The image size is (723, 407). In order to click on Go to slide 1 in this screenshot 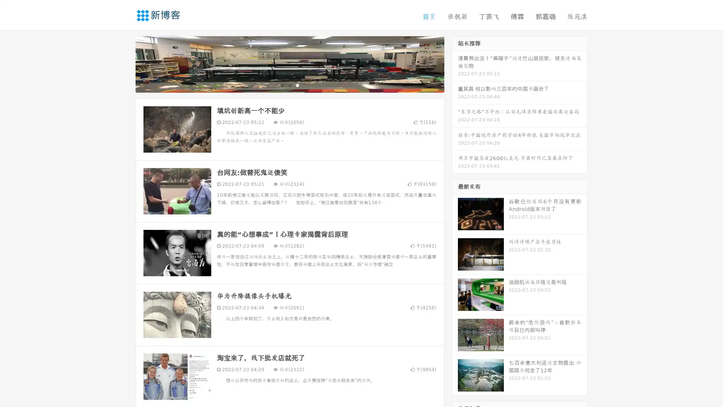, I will do `click(282, 85)`.